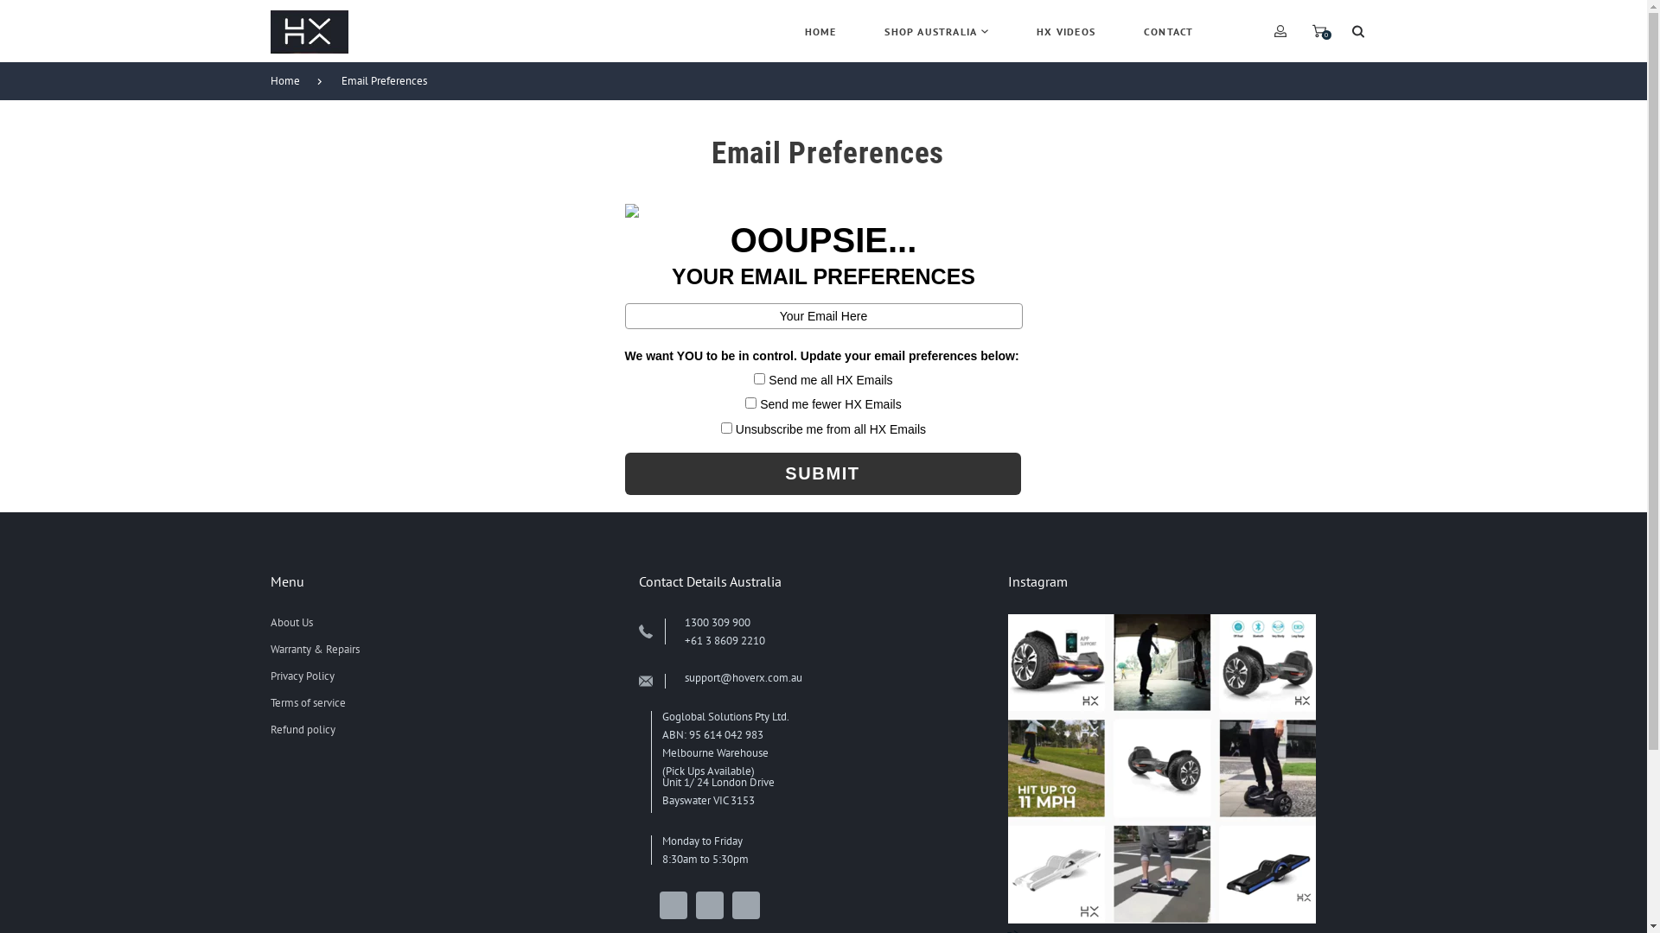 Image resolution: width=1660 pixels, height=933 pixels. What do you see at coordinates (1065, 31) in the screenshot?
I see `'HX VIDEOS'` at bounding box center [1065, 31].